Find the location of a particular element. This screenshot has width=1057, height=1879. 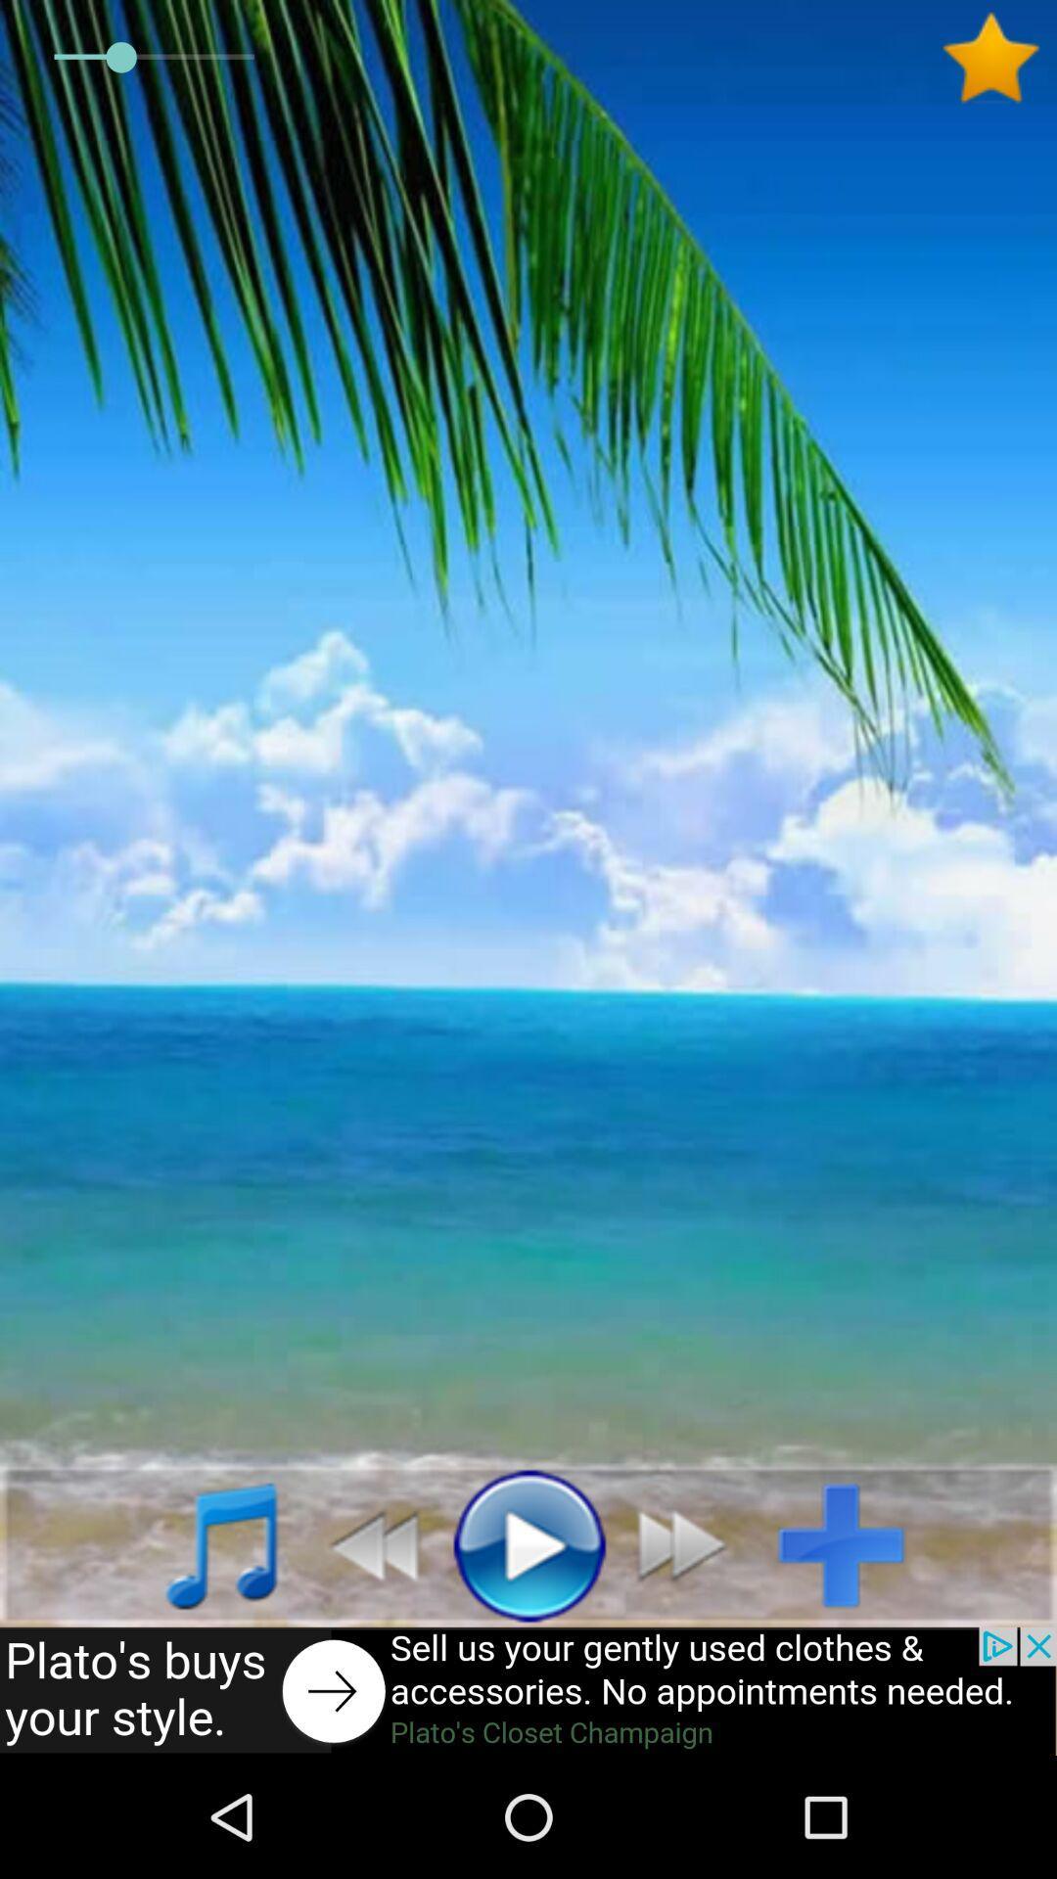

go back is located at coordinates (363, 1543).